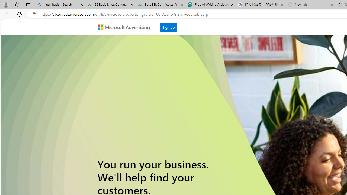  I want to click on 'Sign up', so click(168, 26).